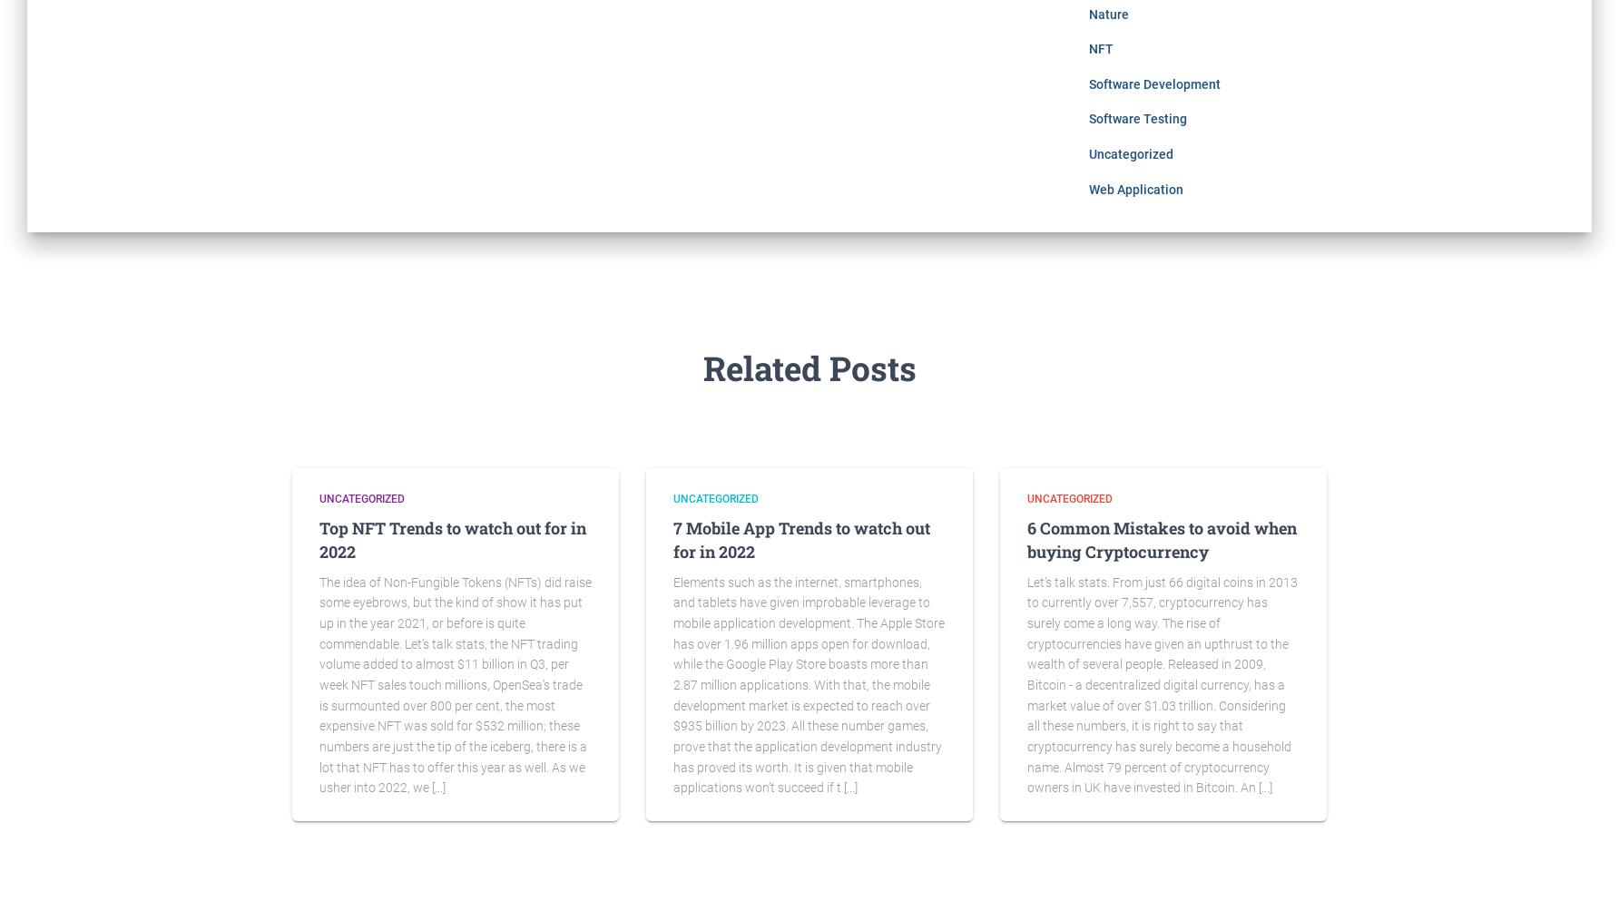  I want to click on 'The idea of Non-Fungible Tokens (NFTs) did raise some eyebrows, but the kind of show it has put up in the year 2021, or before is quite commendable. Let’s talk stats, the NFT trading volume added to almost $11 billion in Q3, per week NFT sales touch millions, OpenSea’s trade is surmounted over 800 per cent, the most expensive NFT was sold for $532 million; these numbers are just the tip of the iceberg, there is a lot that NFT has to offer this year as well. As we usher into 2022, we  [...]', so click(456, 684).